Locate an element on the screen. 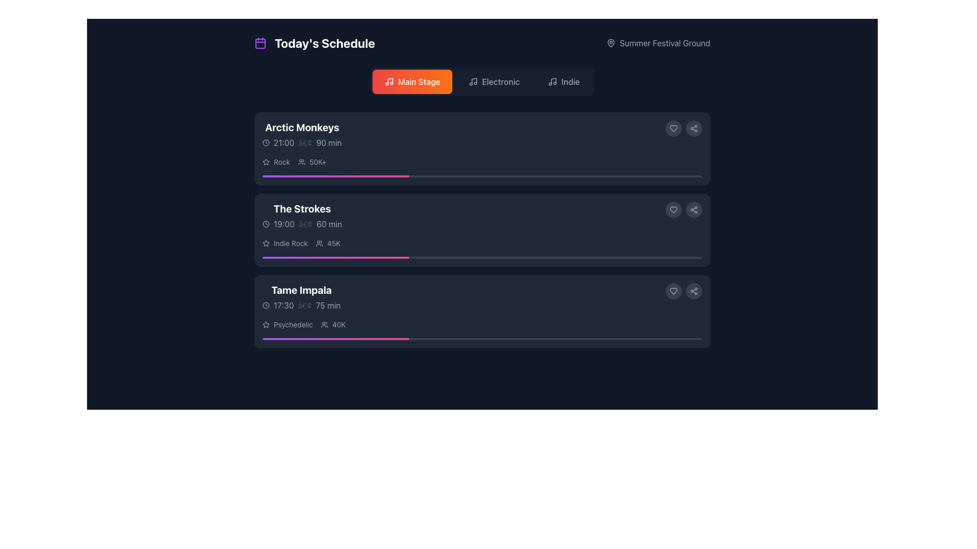 The height and width of the screenshot is (549, 977). the header element containing 'Today's Schedule' and 'Summer Festival Ground' by moving the cursor to its center point is located at coordinates (482, 42).